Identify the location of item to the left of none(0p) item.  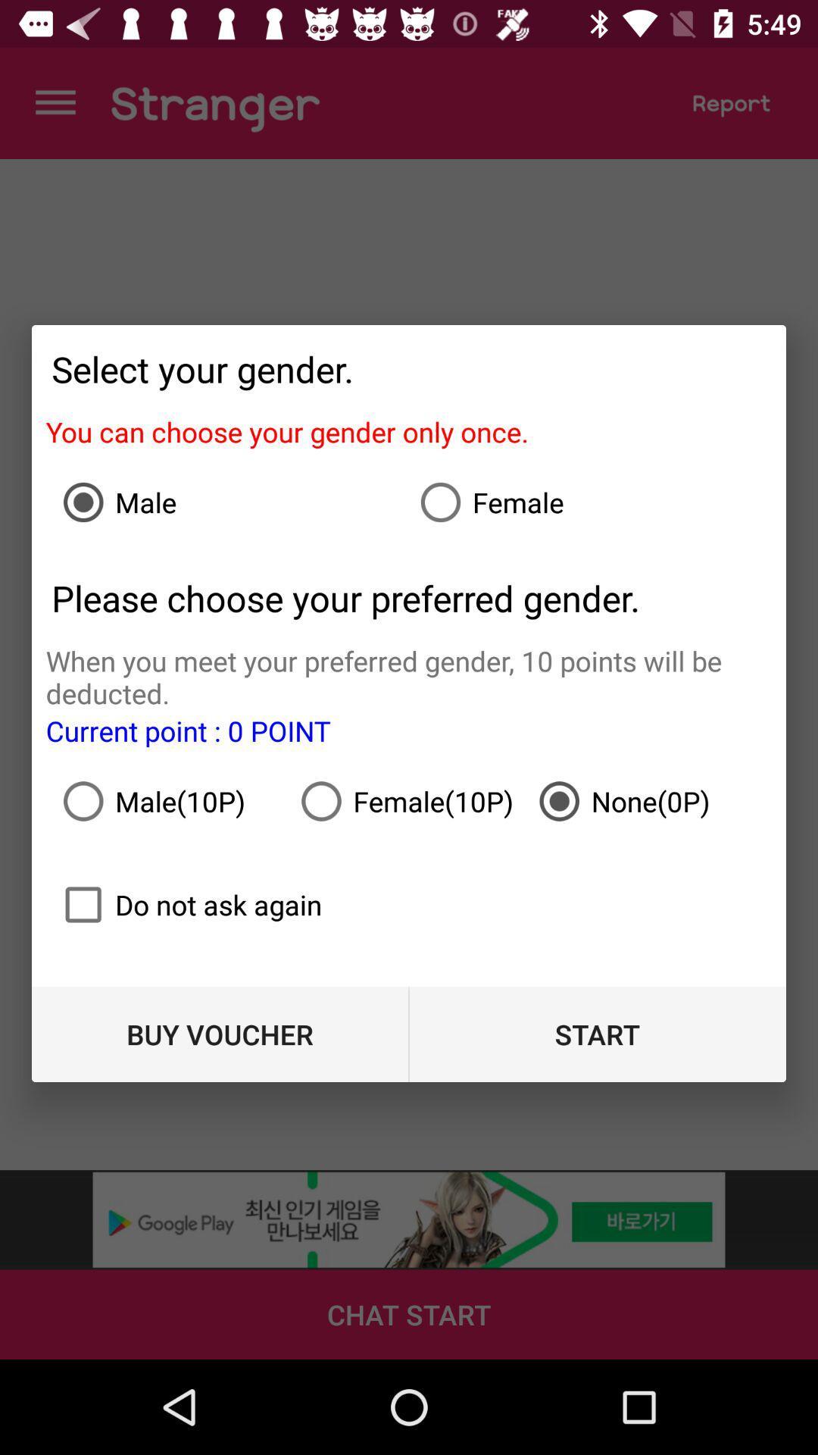
(407, 800).